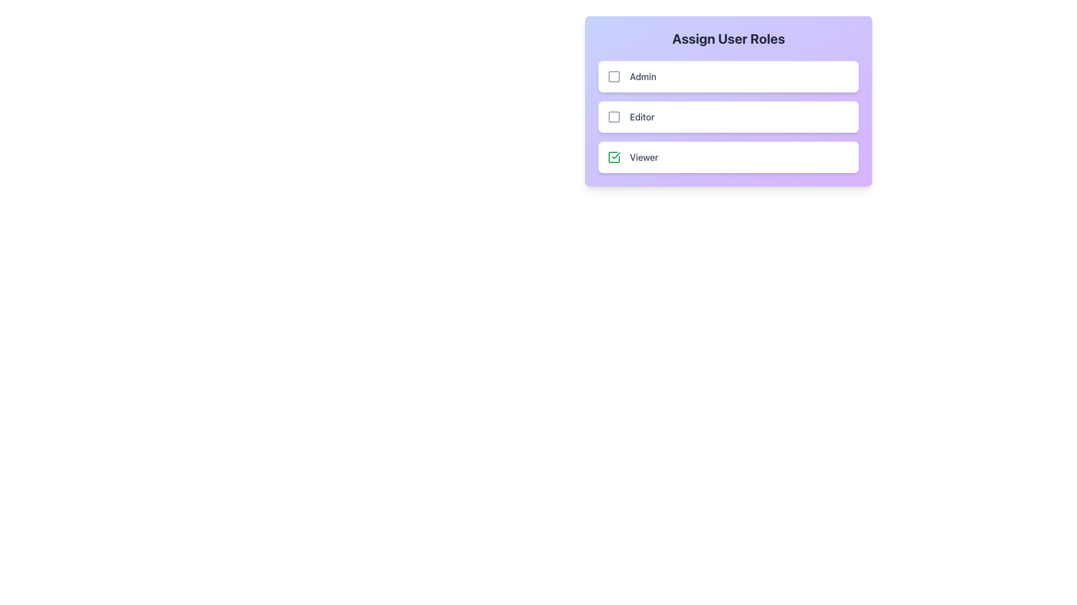 This screenshot has width=1077, height=605. I want to click on properties of the 'Editor' role checkbox located in the second position of a vertical list, between 'Admin' and 'Viewer', on a violet background, so click(729, 117).